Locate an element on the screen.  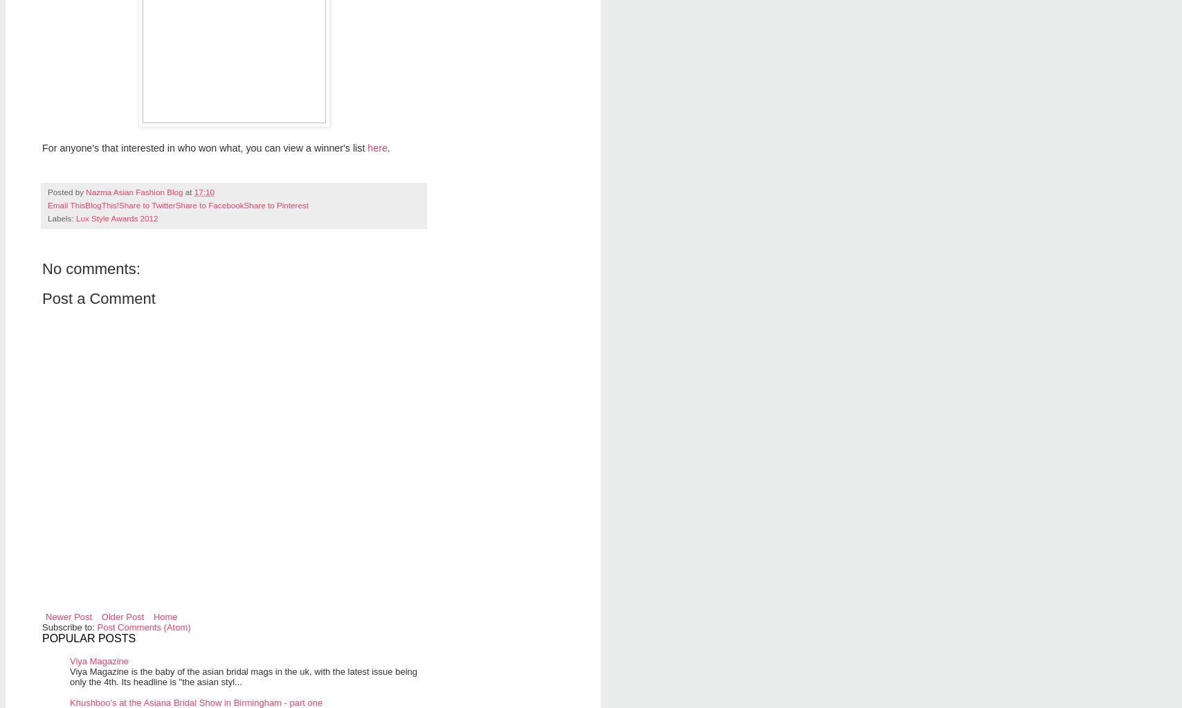
'Older Post' is located at coordinates (101, 616).